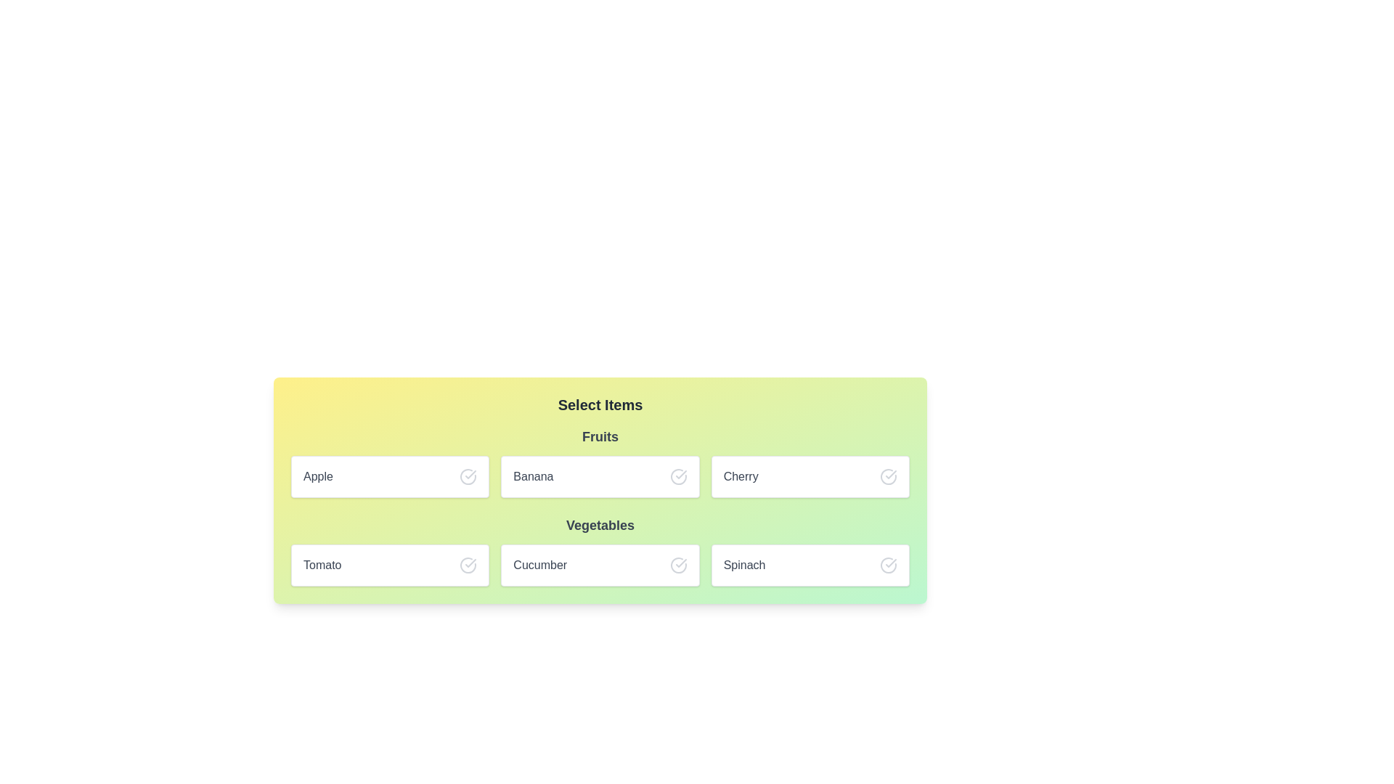 The width and height of the screenshot is (1394, 784). Describe the element at coordinates (468, 476) in the screenshot. I see `the segment of the circular icon in the first slot of the 'Fruits' section, which features a partial circular arc and is outlined with a monochromatic theme` at that location.